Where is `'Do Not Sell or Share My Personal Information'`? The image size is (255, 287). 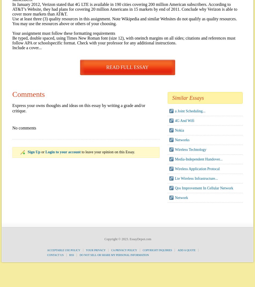
'Do Not Sell or Share My Personal Information' is located at coordinates (114, 255).